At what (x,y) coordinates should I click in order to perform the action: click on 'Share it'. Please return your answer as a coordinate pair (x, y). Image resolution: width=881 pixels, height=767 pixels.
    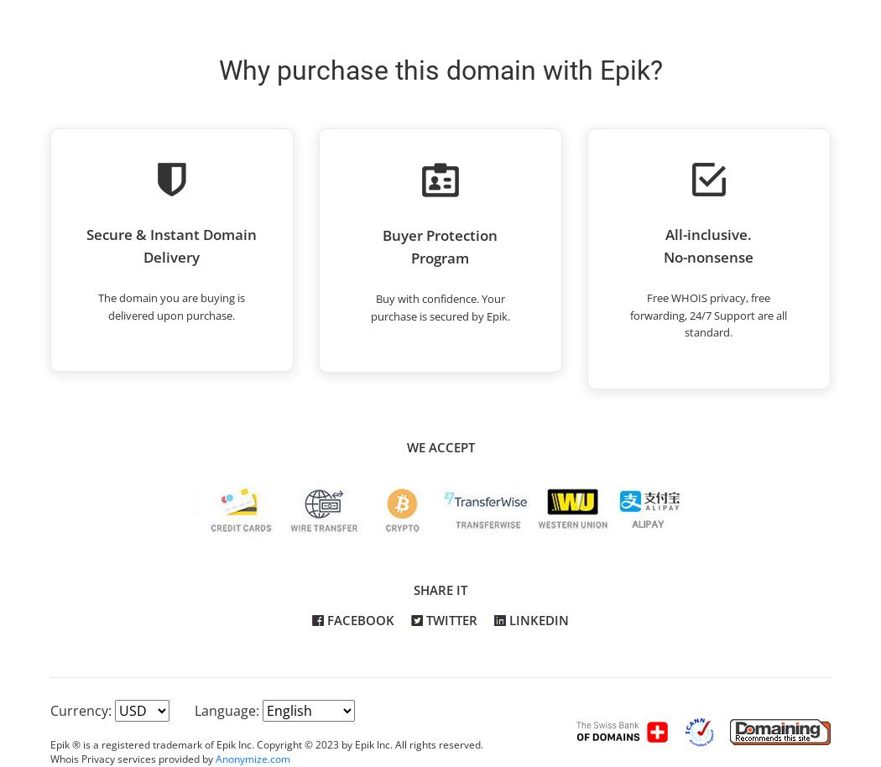
    Looking at the image, I should click on (440, 588).